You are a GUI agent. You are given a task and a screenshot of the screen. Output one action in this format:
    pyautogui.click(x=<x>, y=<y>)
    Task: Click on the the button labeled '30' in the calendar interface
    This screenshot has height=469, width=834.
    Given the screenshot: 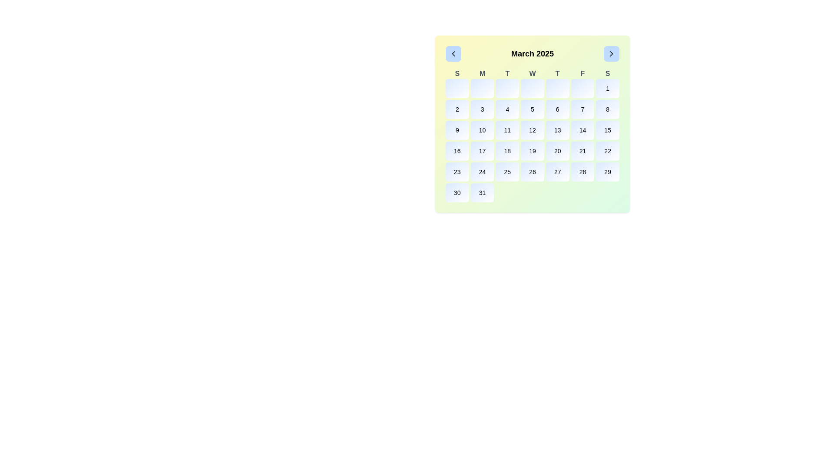 What is the action you would take?
    pyautogui.click(x=457, y=192)
    